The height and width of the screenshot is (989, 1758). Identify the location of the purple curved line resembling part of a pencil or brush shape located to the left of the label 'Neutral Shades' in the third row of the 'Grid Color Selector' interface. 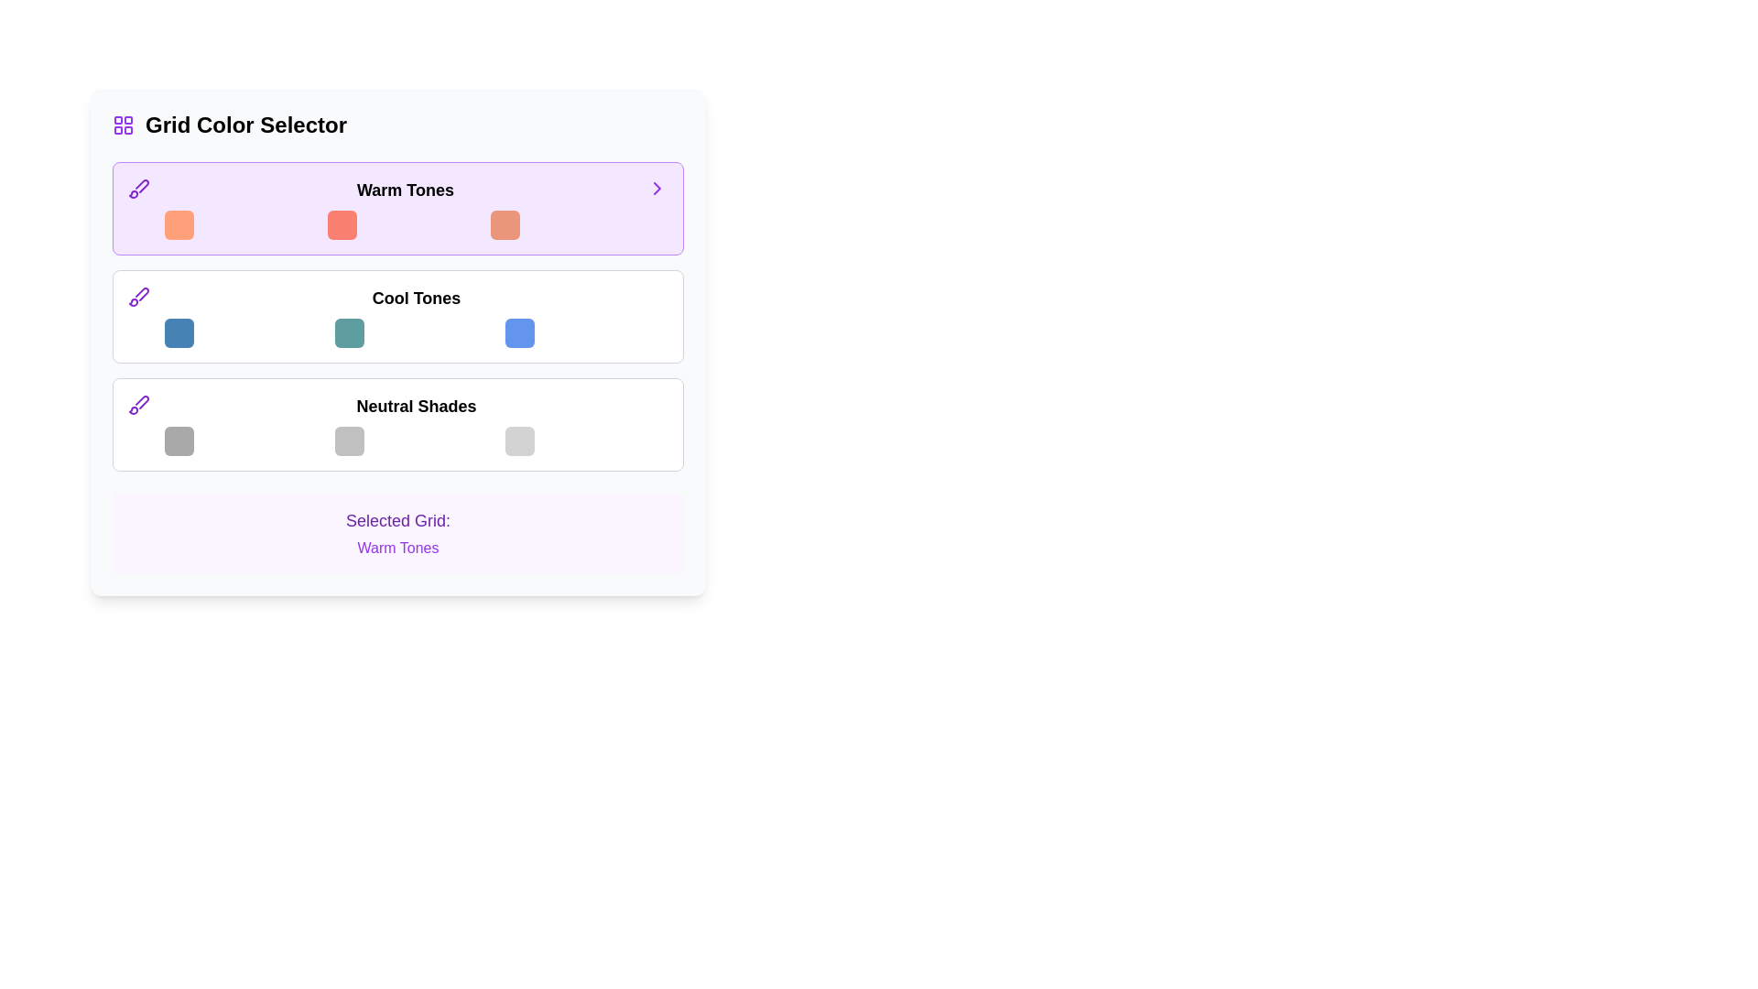
(141, 293).